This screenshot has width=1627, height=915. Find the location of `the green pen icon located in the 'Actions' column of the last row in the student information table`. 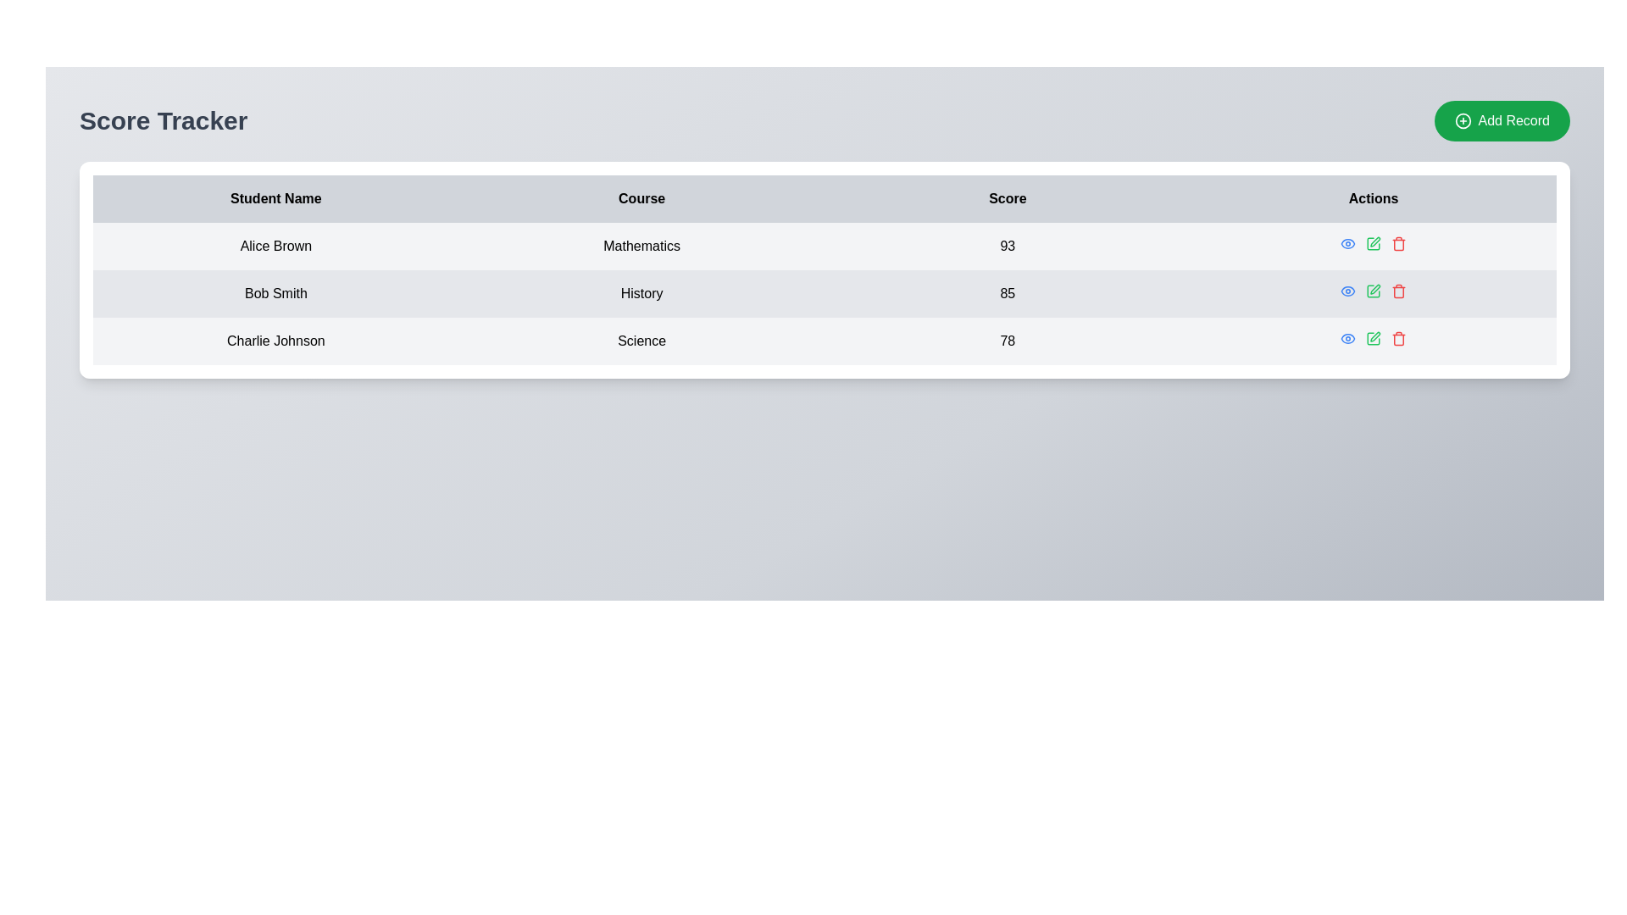

the green pen icon located in the 'Actions' column of the last row in the student information table is located at coordinates (1374, 290).